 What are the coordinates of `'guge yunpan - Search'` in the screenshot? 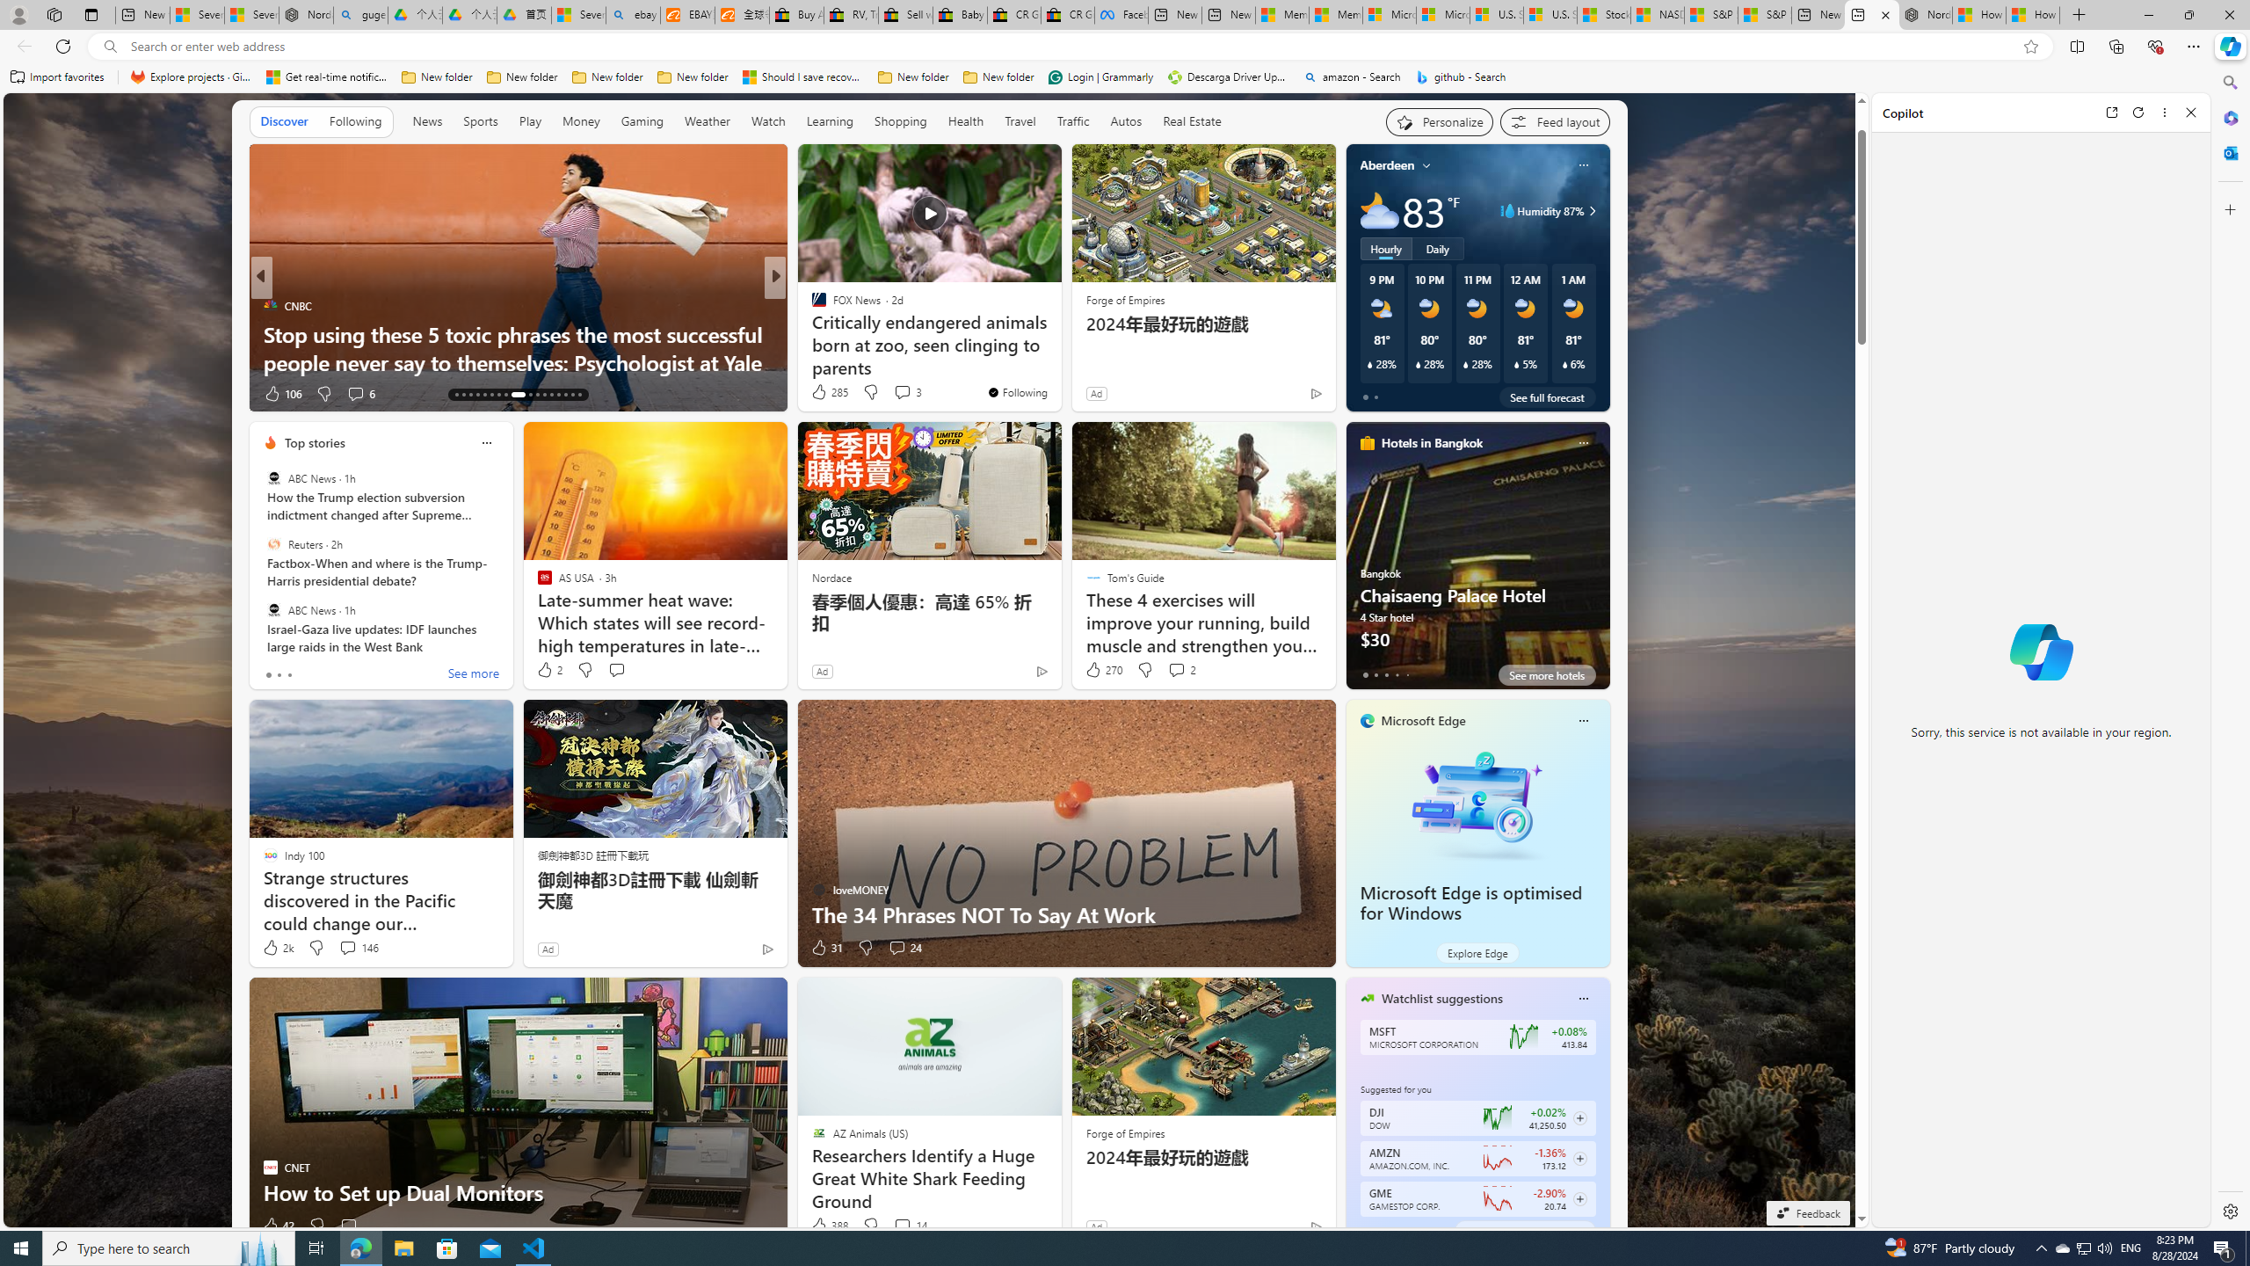 It's located at (359, 14).